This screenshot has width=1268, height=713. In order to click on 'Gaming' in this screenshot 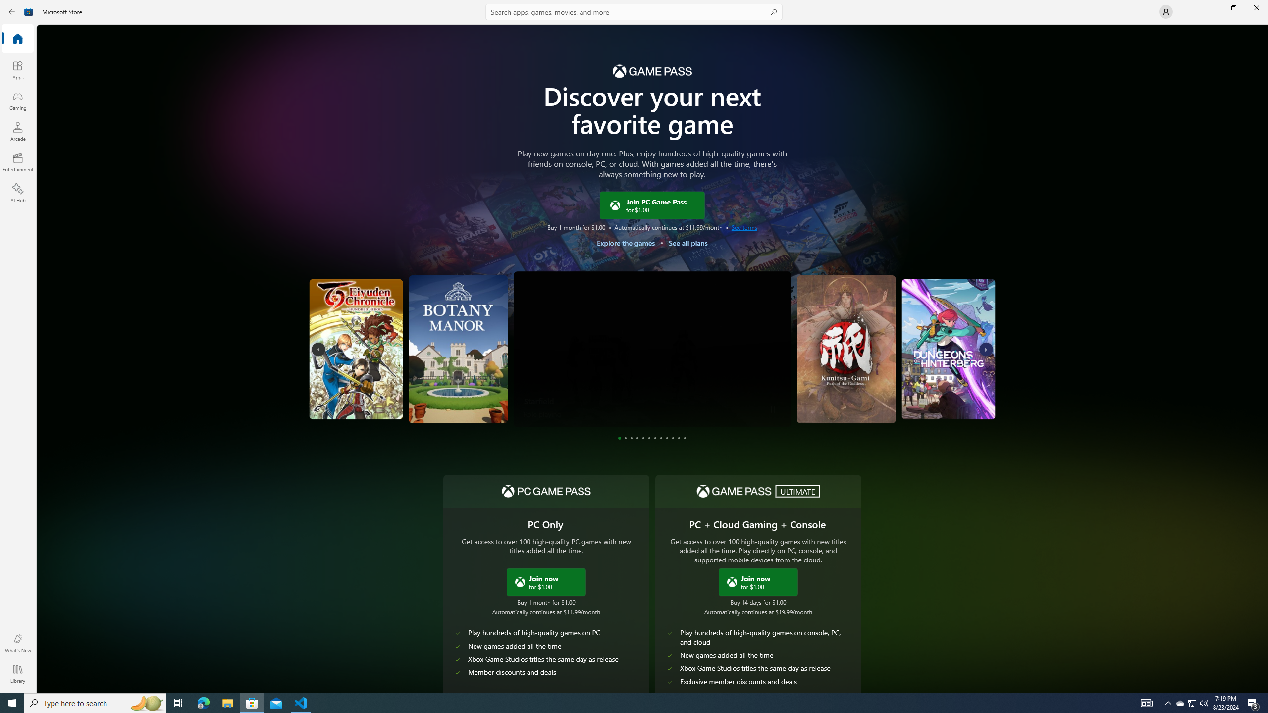, I will do `click(17, 100)`.